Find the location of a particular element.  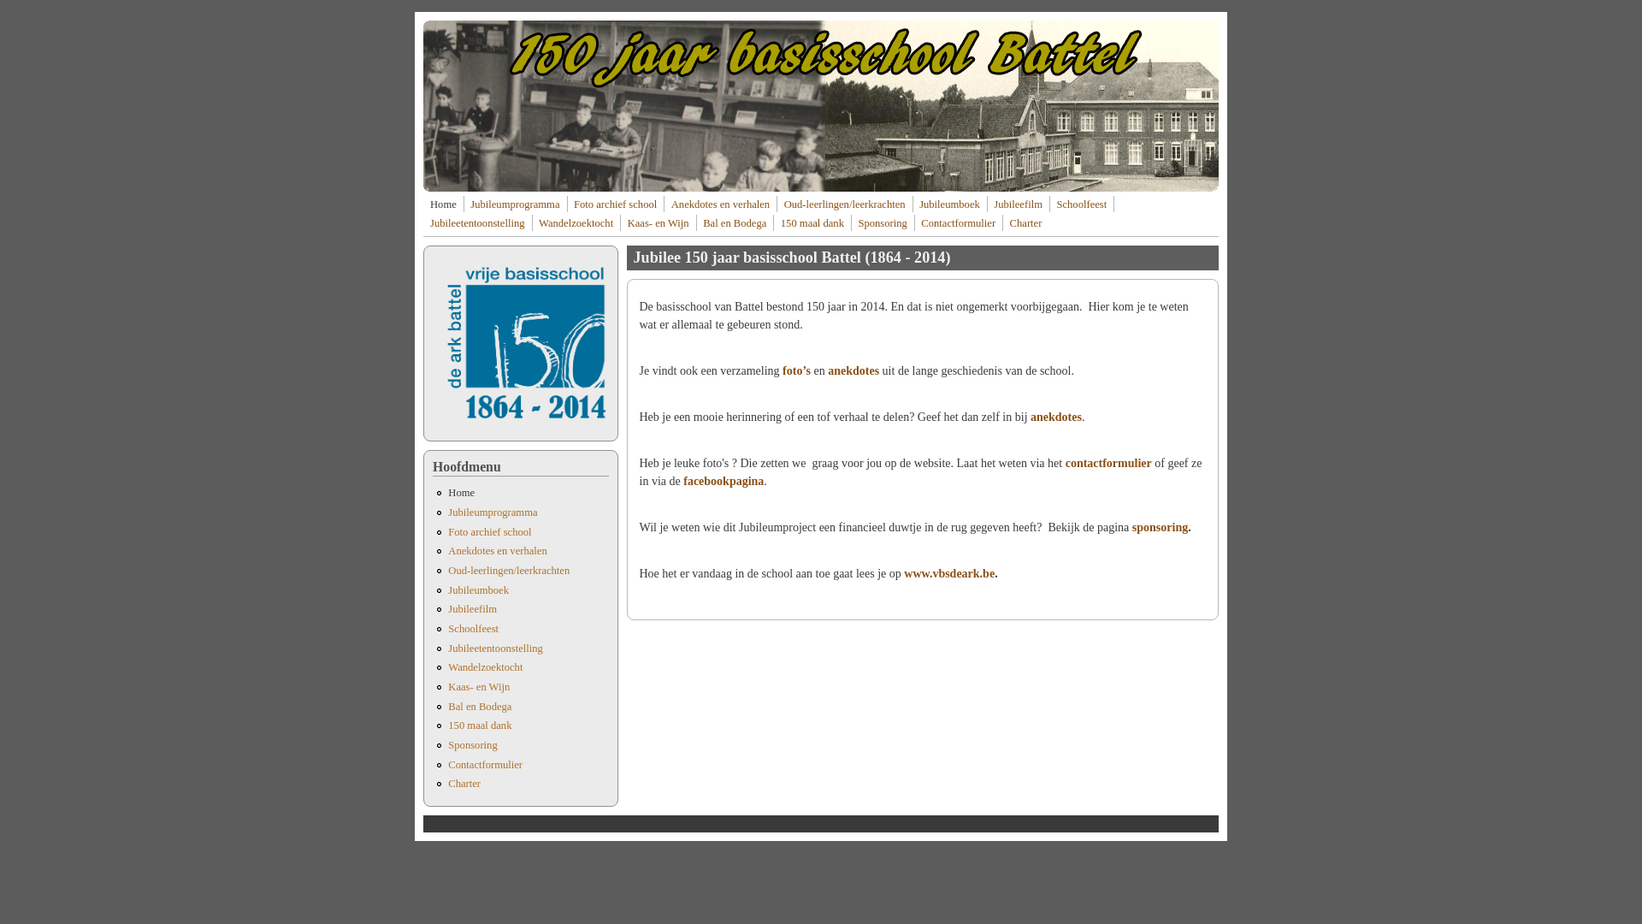

'Kaas- en Wijn' is located at coordinates (447, 685).